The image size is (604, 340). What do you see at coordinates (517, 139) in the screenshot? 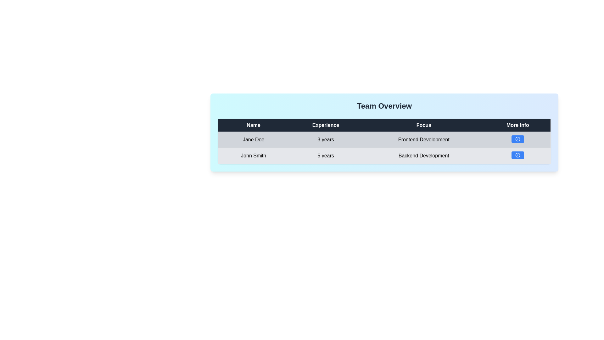
I see `the button in the 'More Info' column of the first row in the 'Team Overview' table` at bounding box center [517, 139].